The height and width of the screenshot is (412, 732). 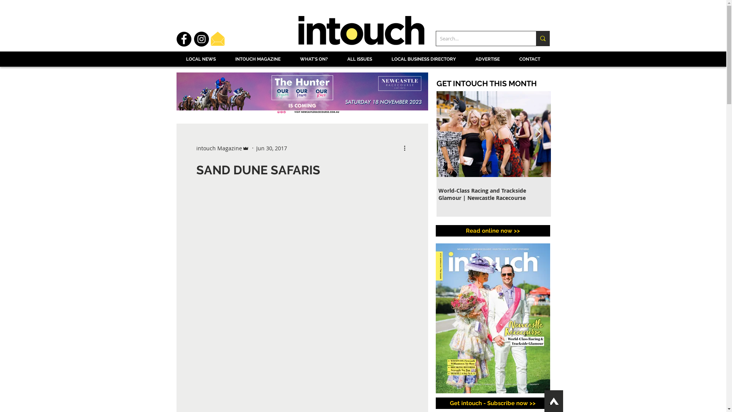 I want to click on 'ALL ISSUES', so click(x=357, y=61).